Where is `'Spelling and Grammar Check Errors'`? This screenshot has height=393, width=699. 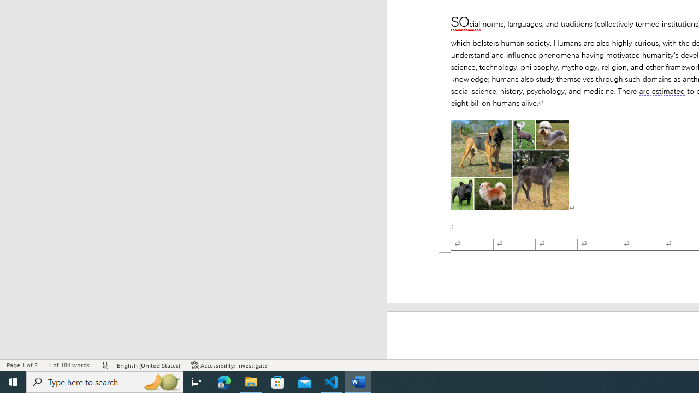 'Spelling and Grammar Check Errors' is located at coordinates (104, 365).